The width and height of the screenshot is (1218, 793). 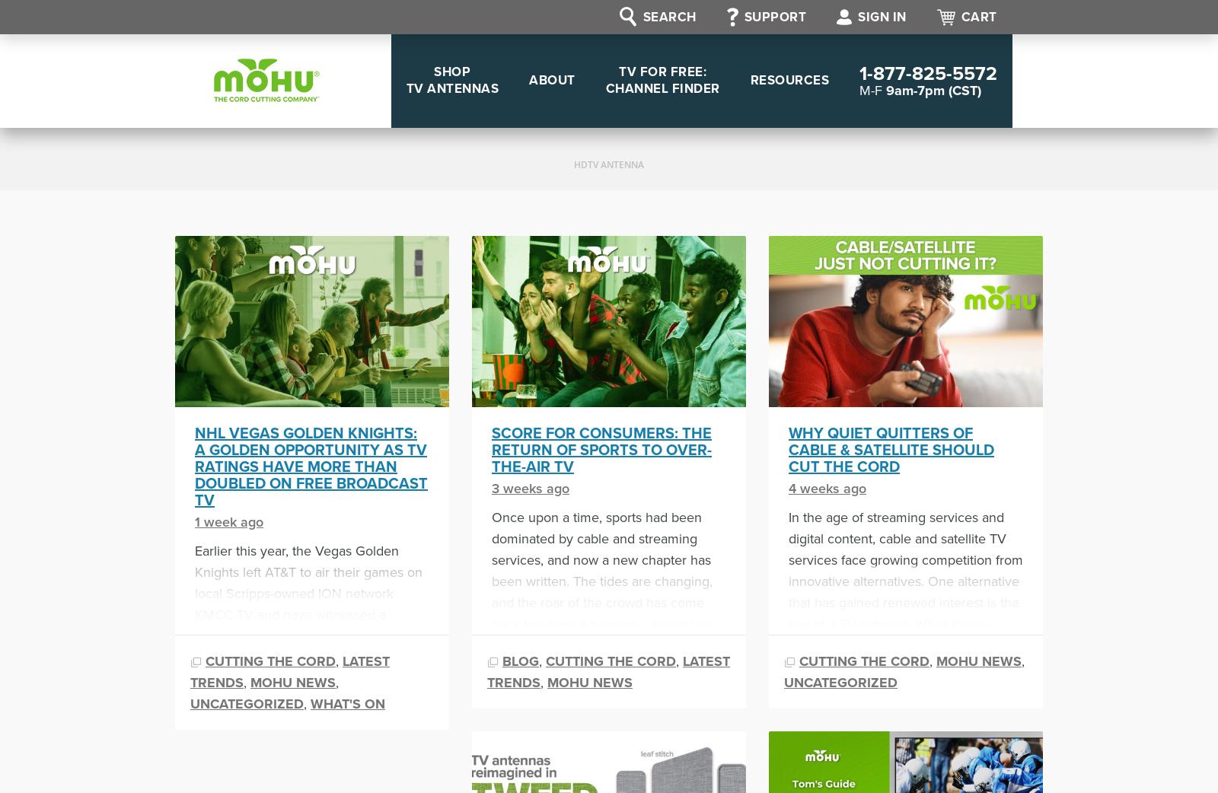 I want to click on 'Support', so click(x=774, y=16).